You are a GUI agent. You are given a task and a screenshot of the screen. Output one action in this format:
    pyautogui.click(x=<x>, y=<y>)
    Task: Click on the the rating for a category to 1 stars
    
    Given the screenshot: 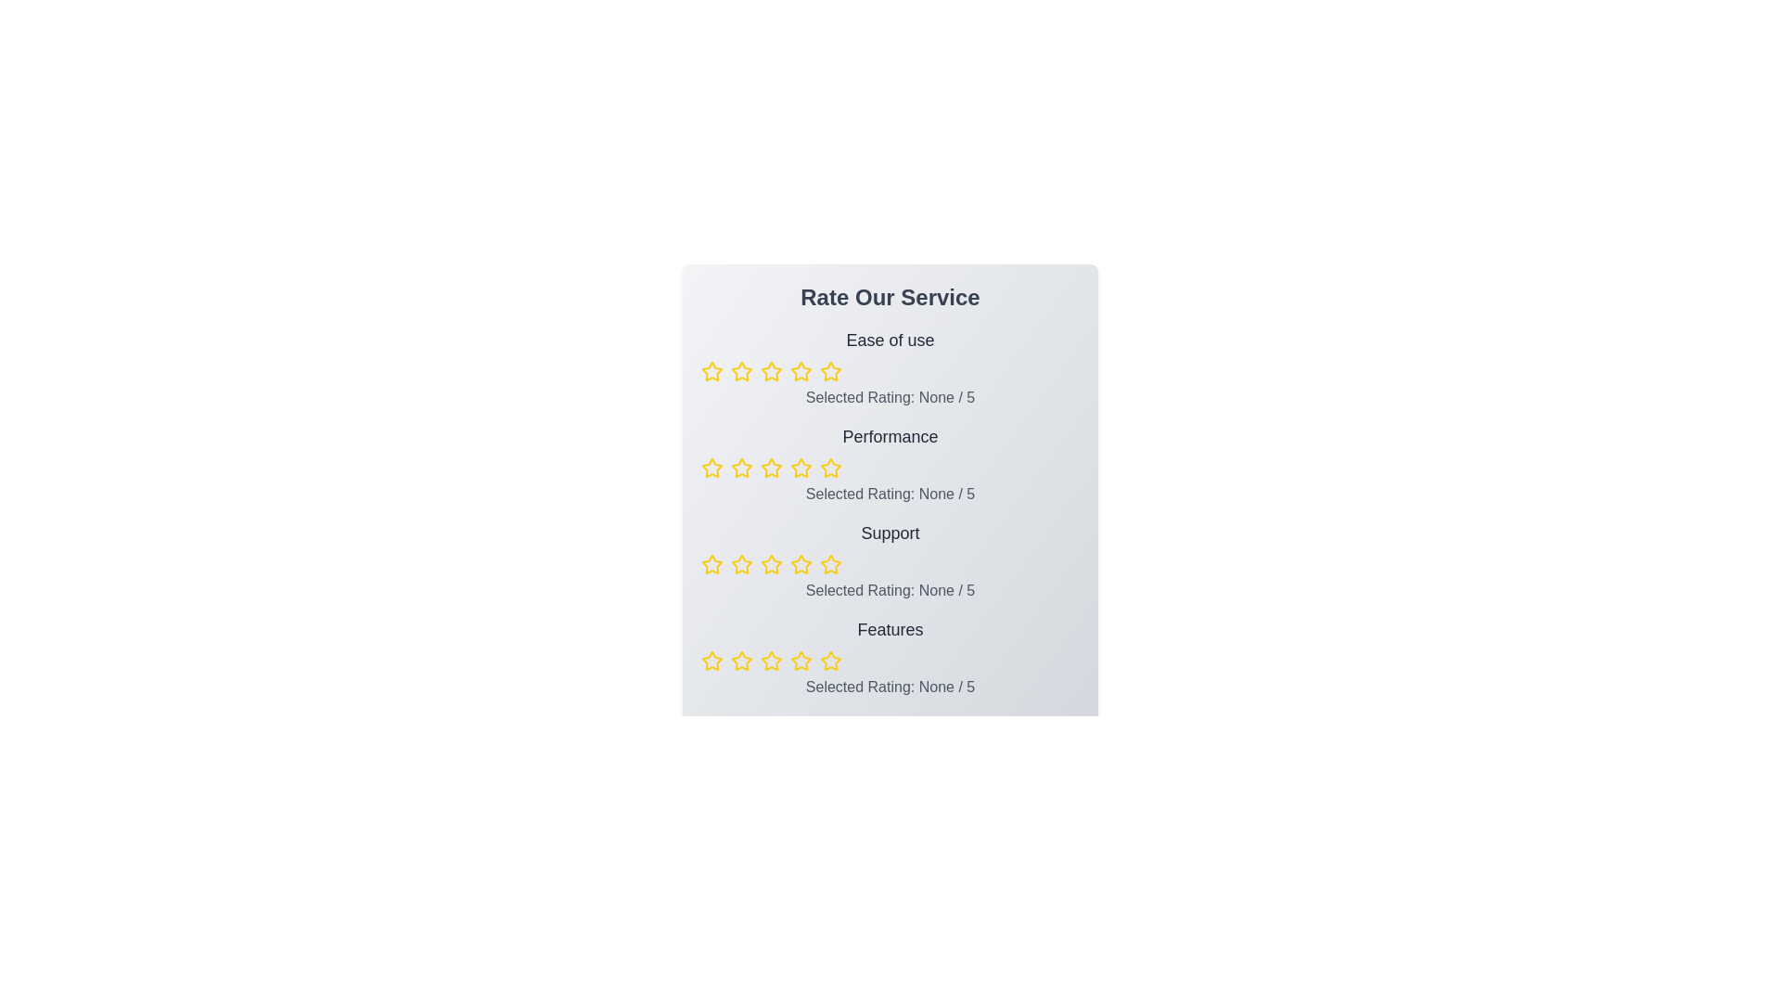 What is the action you would take?
    pyautogui.click(x=711, y=372)
    